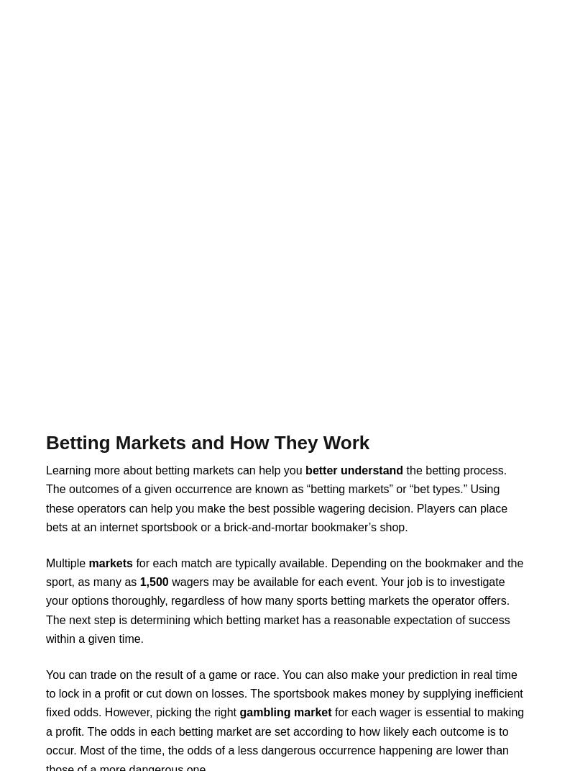 This screenshot has width=575, height=771. Describe the element at coordinates (154, 580) in the screenshot. I see `'1,500'` at that location.